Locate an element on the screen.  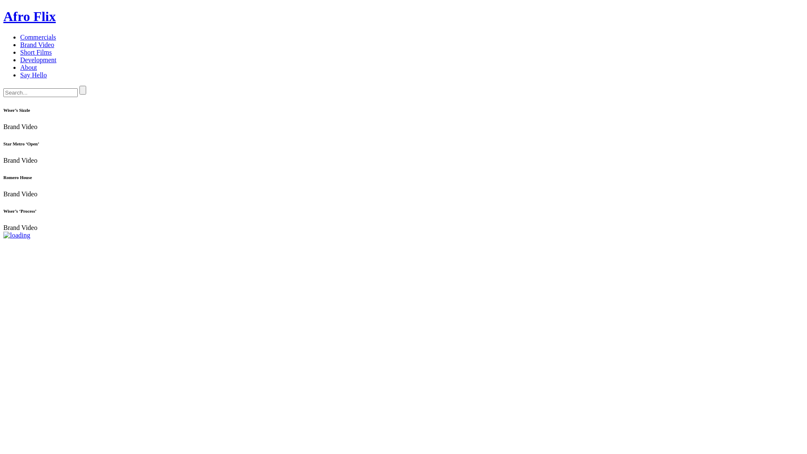
'Brand Video' is located at coordinates (37, 45).